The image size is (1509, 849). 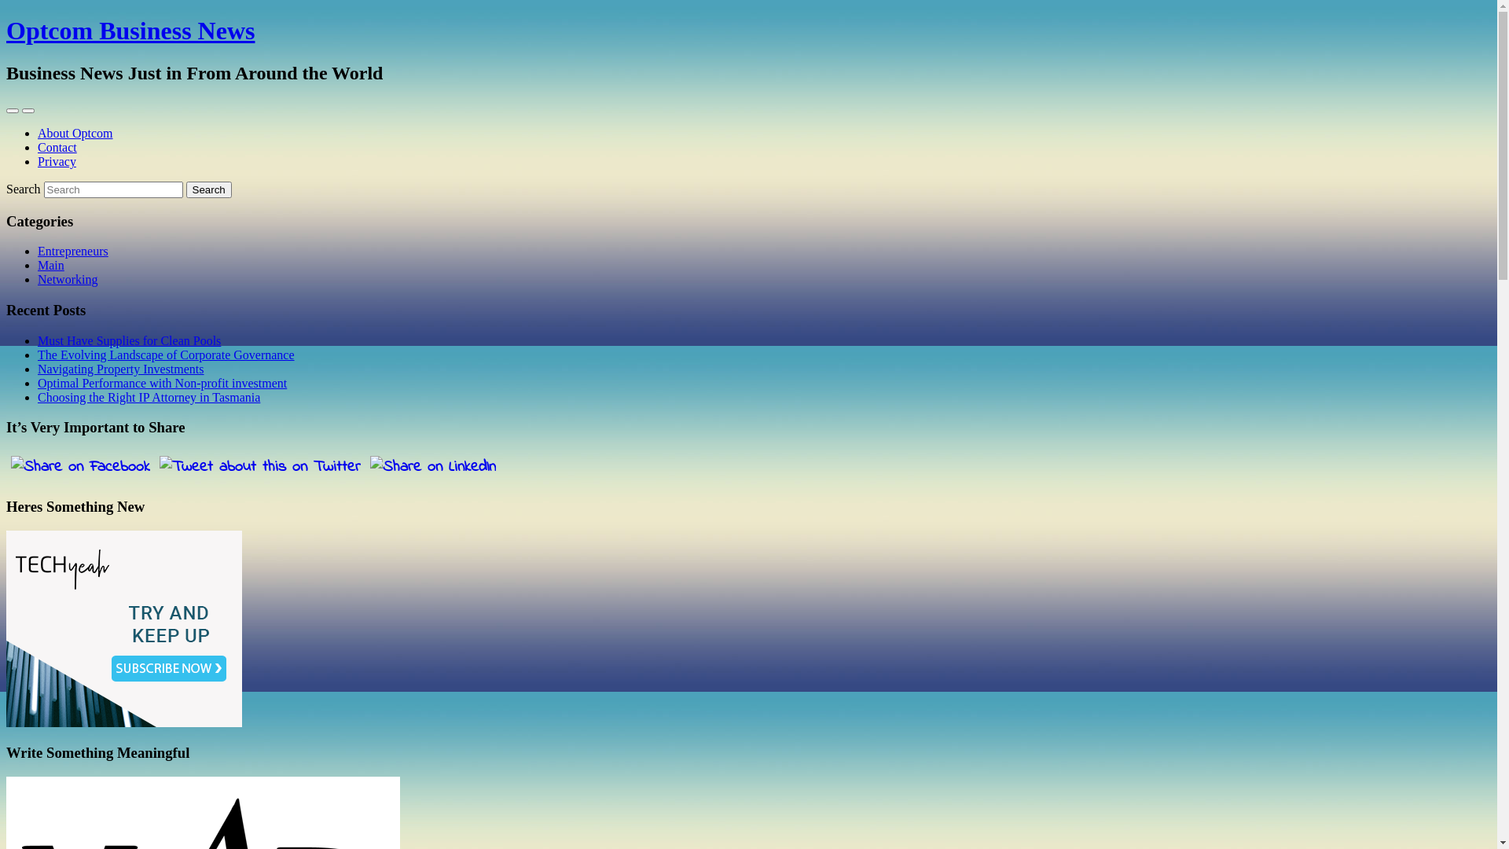 I want to click on 'Main', so click(x=51, y=264).